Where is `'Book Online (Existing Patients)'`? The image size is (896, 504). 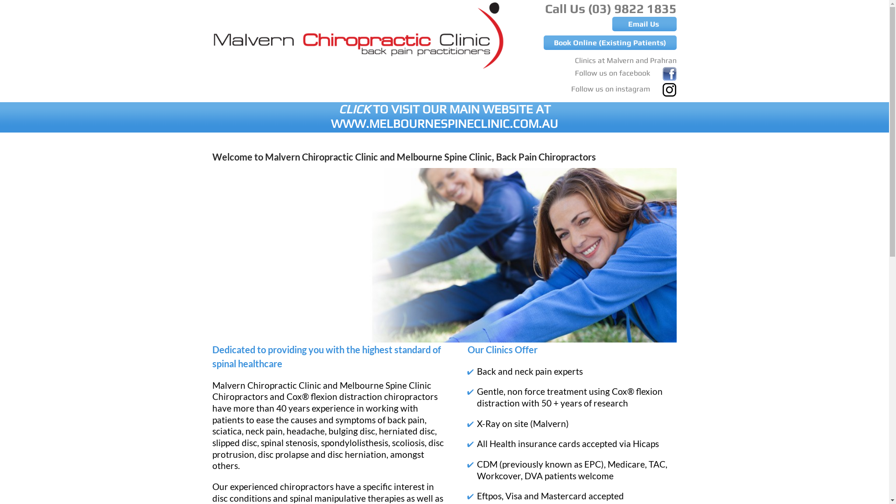 'Book Online (Existing Patients)' is located at coordinates (610, 42).